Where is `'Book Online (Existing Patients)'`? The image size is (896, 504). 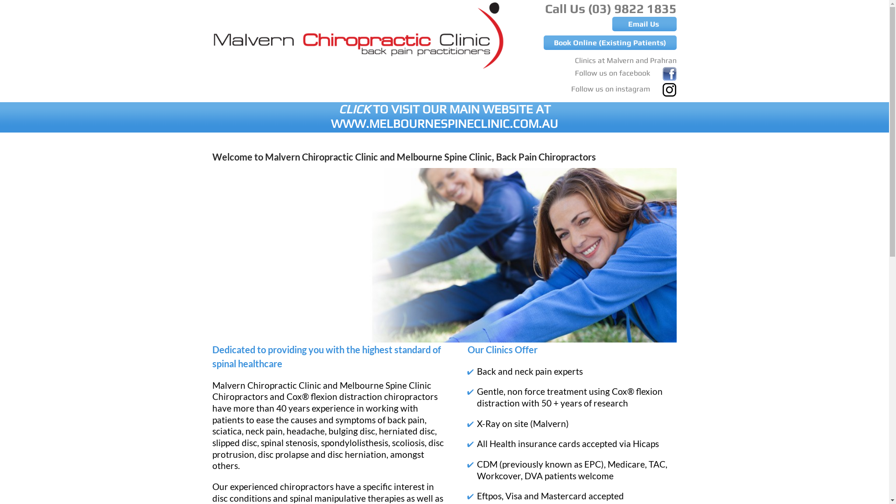 'Book Online (Existing Patients)' is located at coordinates (610, 42).